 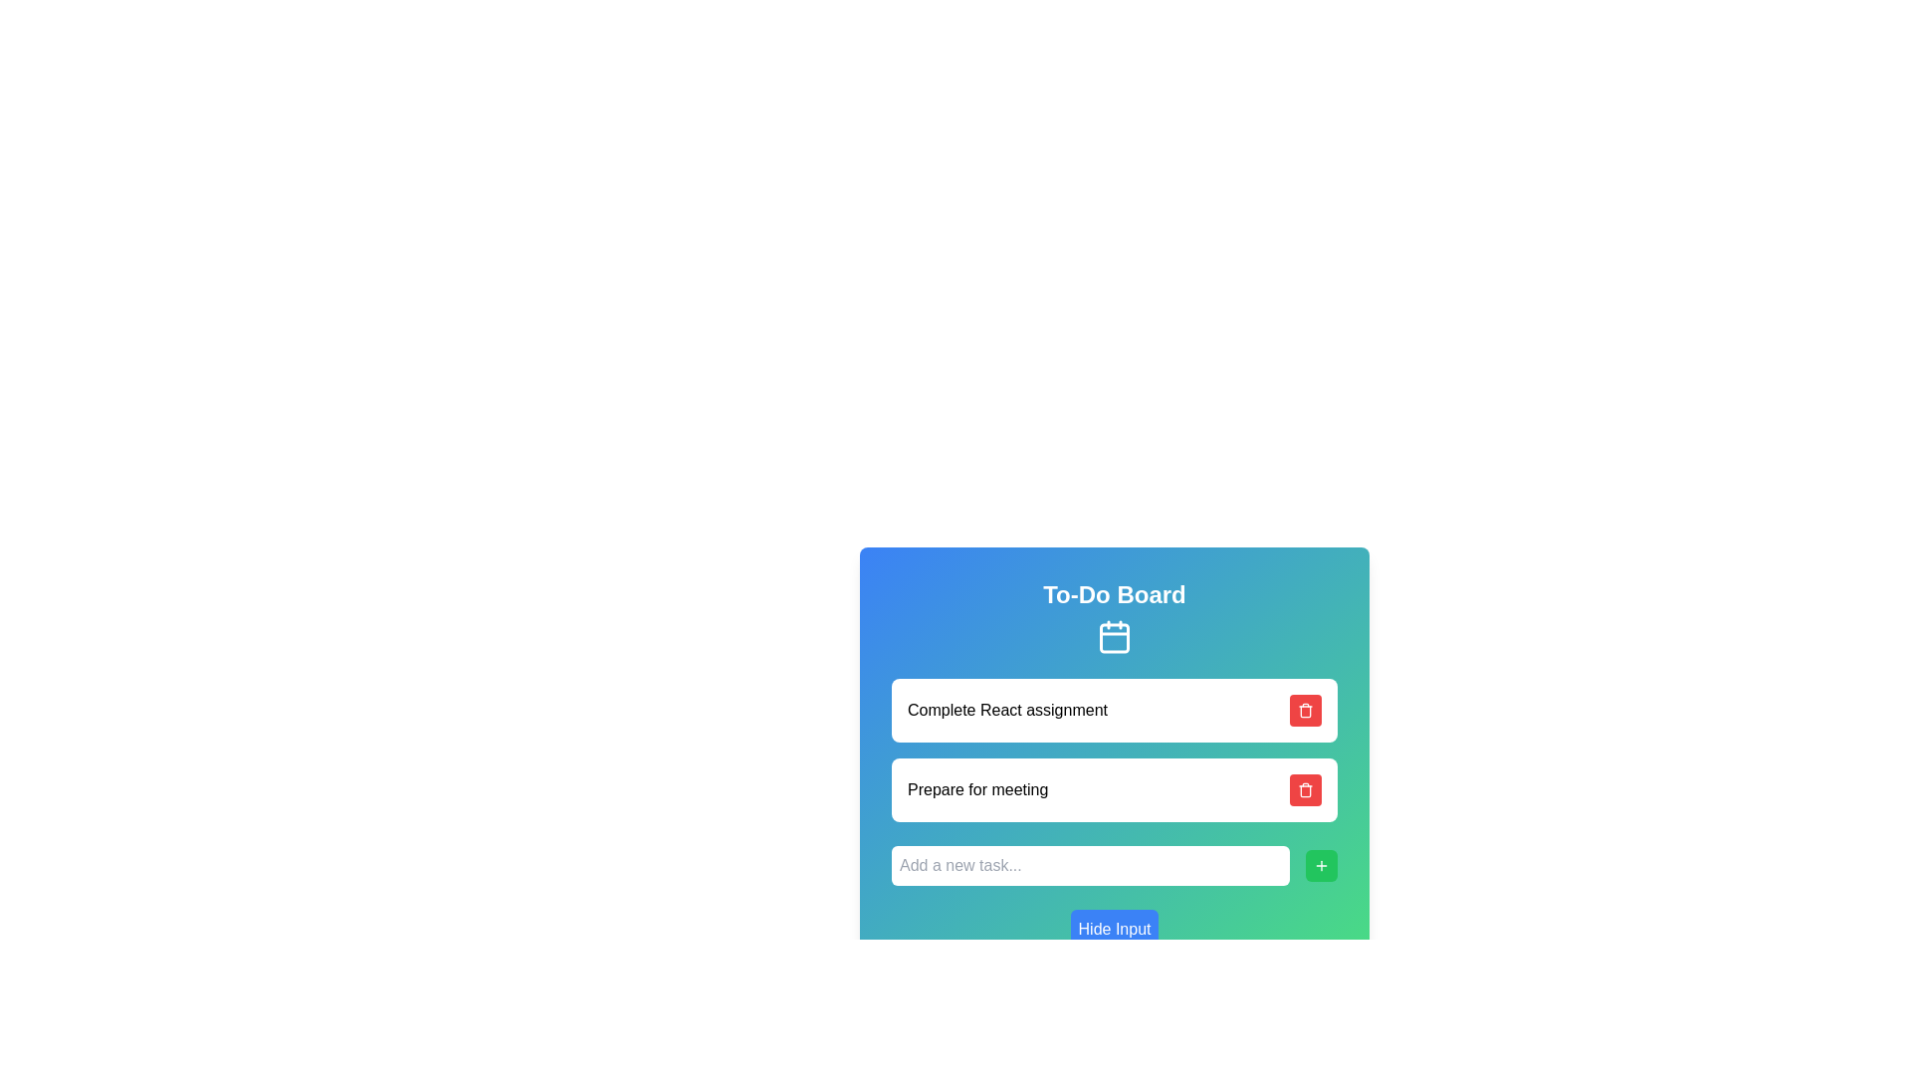 I want to click on the header section containing the text 'To-Do Board' and a calendar icon, located at the top center of the application interface, so click(x=1113, y=616).